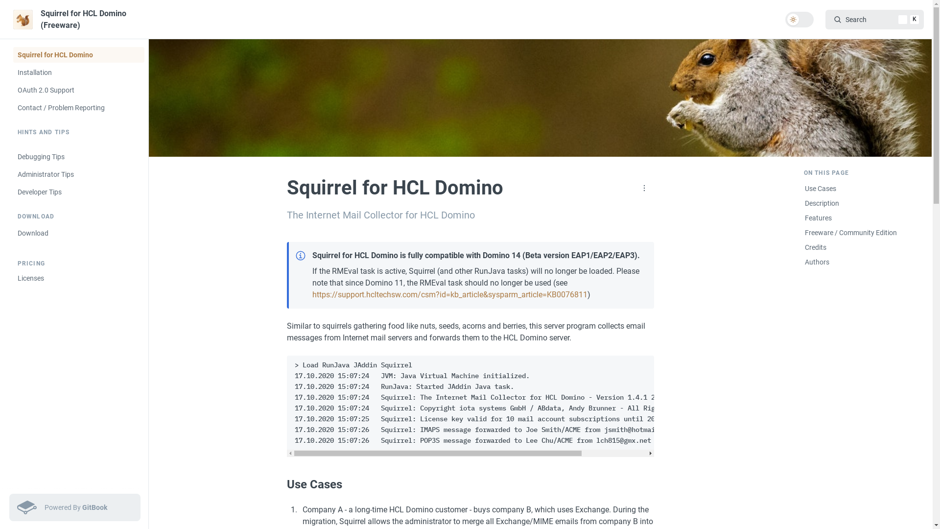  What do you see at coordinates (77, 156) in the screenshot?
I see `'Debugging Tips'` at bounding box center [77, 156].